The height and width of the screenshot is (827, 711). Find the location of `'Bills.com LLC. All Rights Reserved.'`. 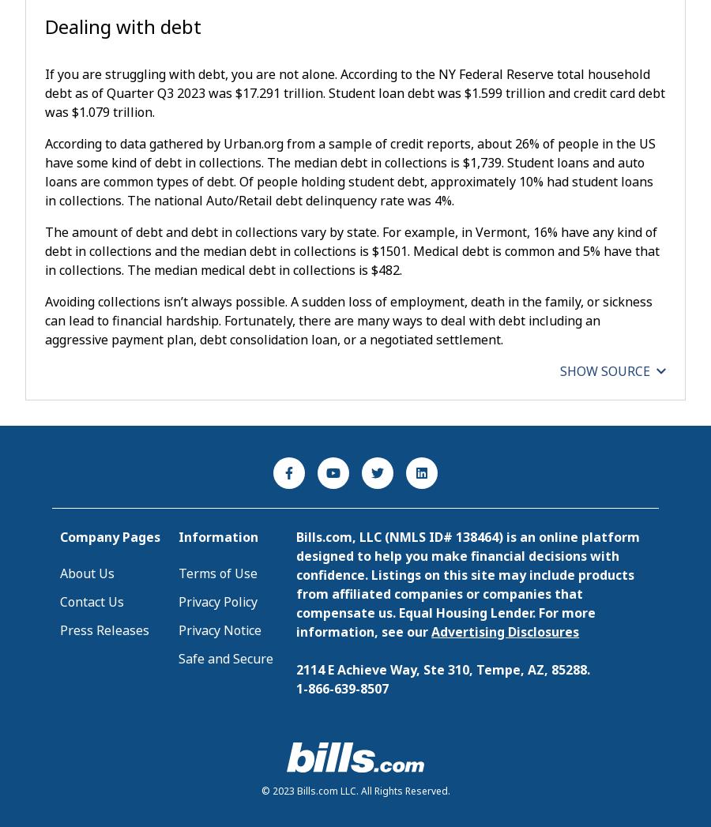

'Bills.com LLC. All Rights Reserved.' is located at coordinates (371, 791).